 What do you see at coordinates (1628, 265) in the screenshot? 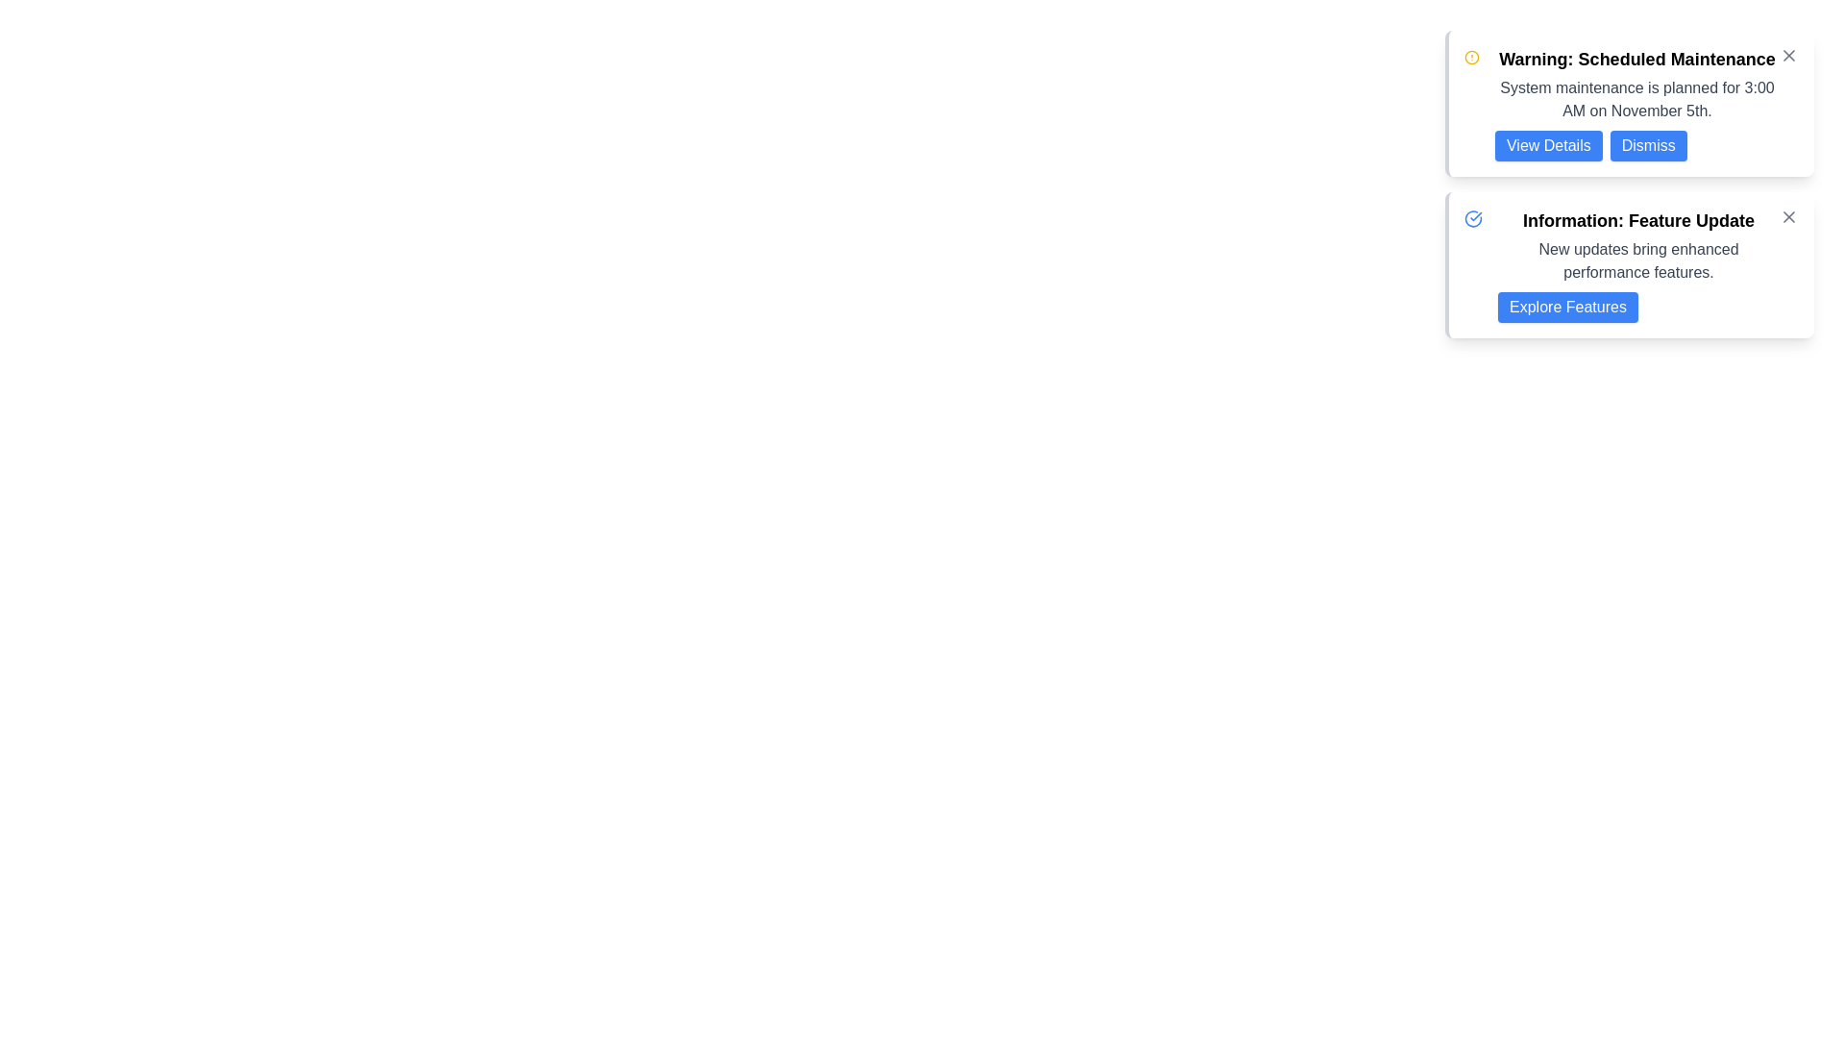
I see `the second notification box with rounded corners that has a white background and a blue left border, containing the title 'Information: Feature Update' and the description 'New updates bring enhanced performance features'` at bounding box center [1628, 265].